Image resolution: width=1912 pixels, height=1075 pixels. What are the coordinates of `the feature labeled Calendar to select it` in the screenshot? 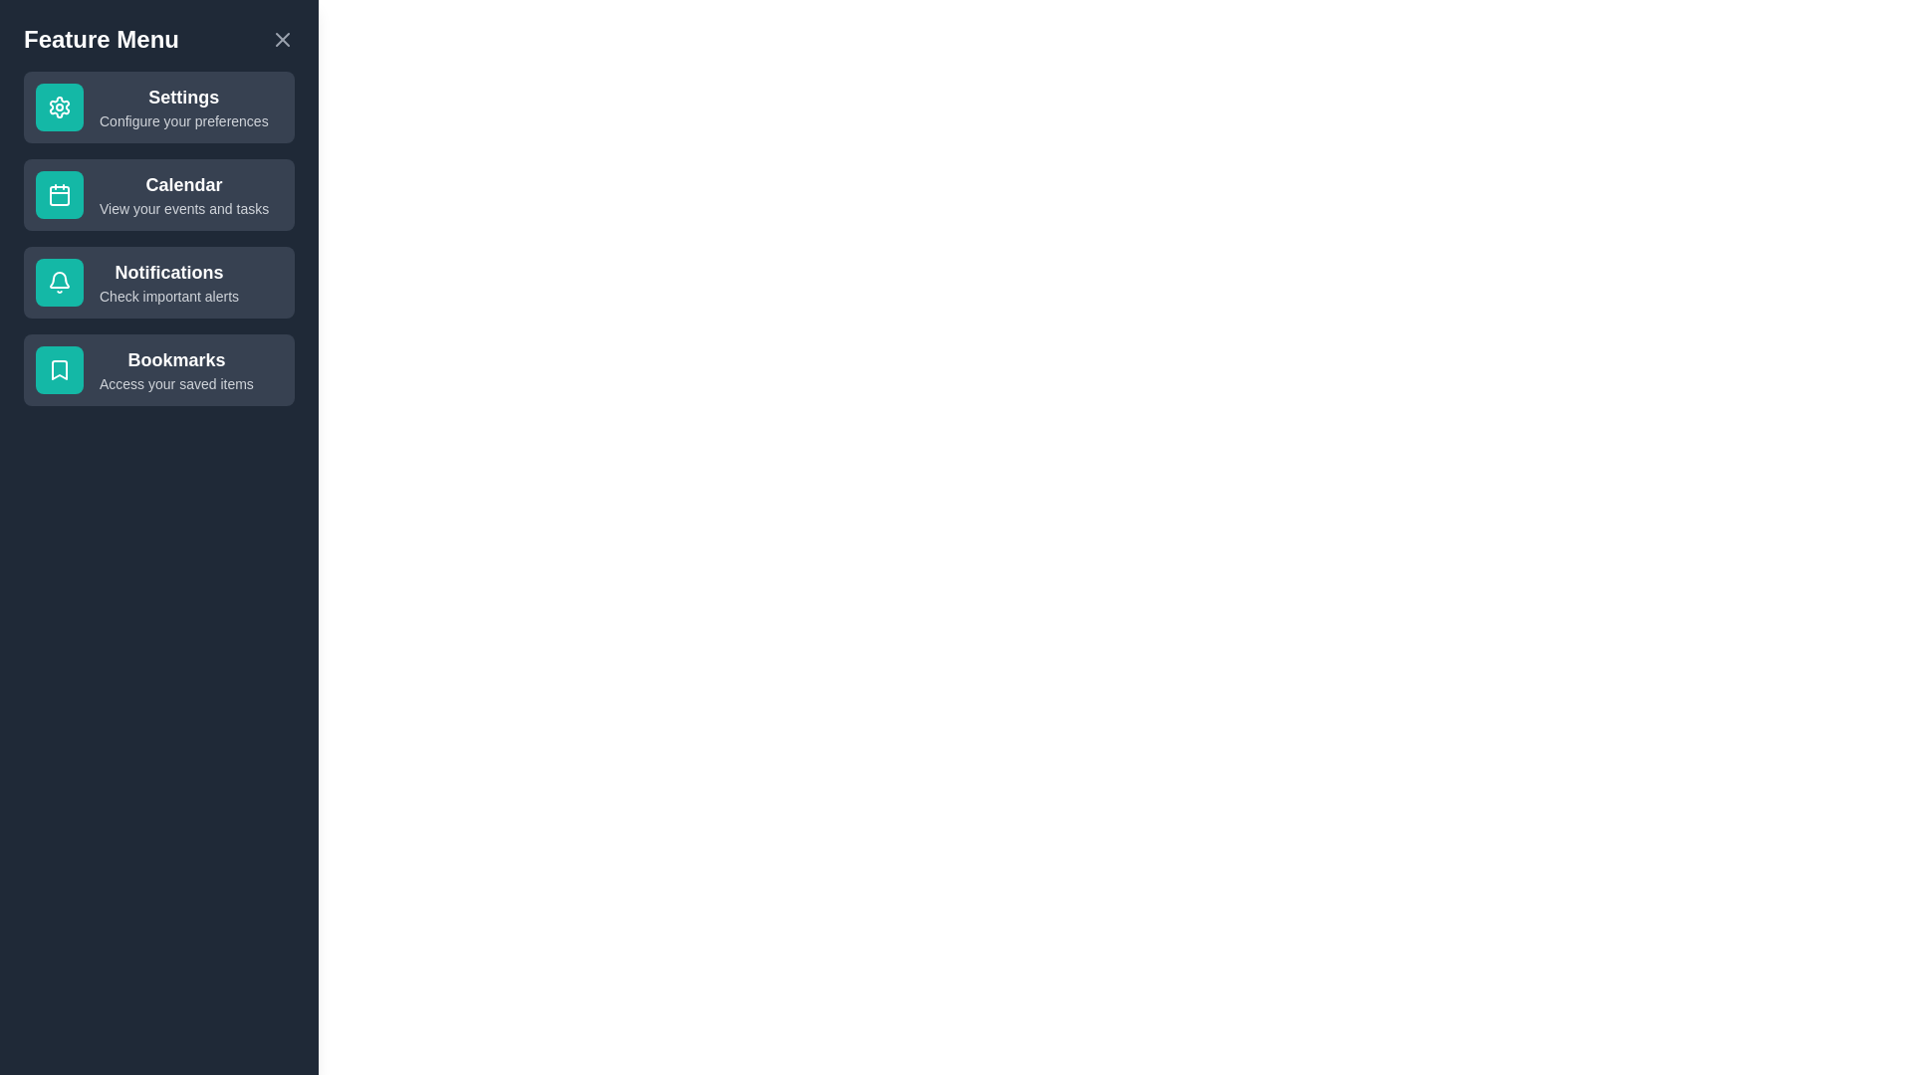 It's located at (157, 195).